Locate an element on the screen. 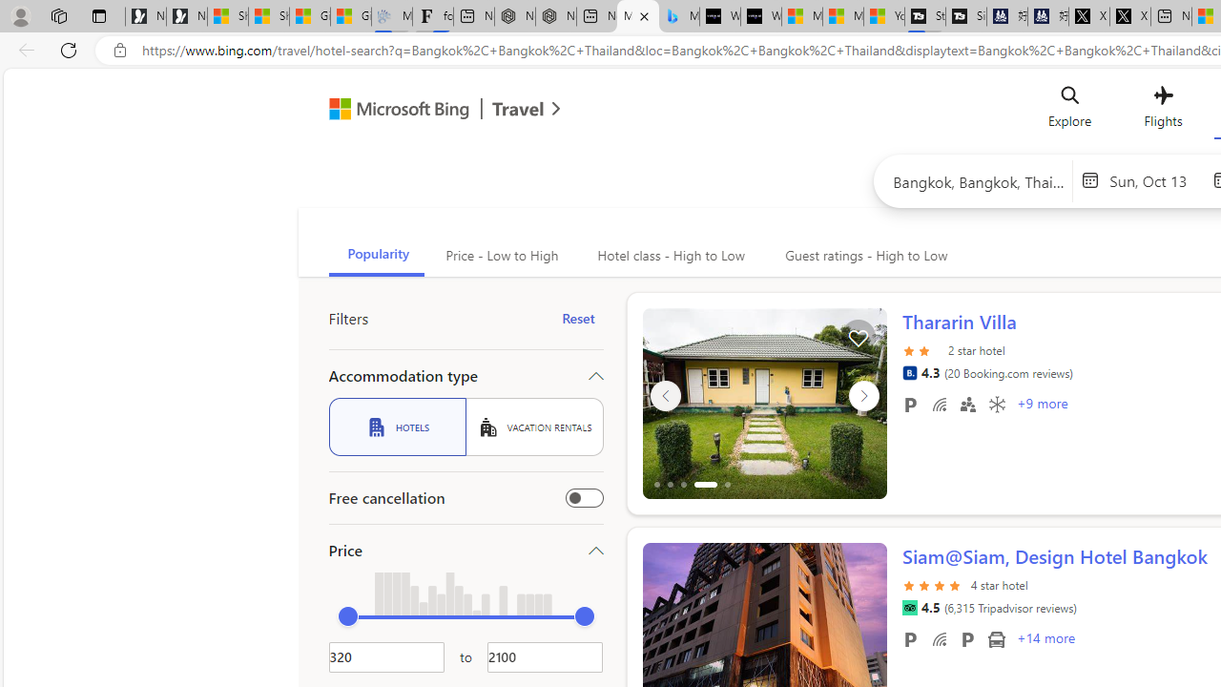 The image size is (1221, 687). 'Hotel class - High to Low' is located at coordinates (669, 255).